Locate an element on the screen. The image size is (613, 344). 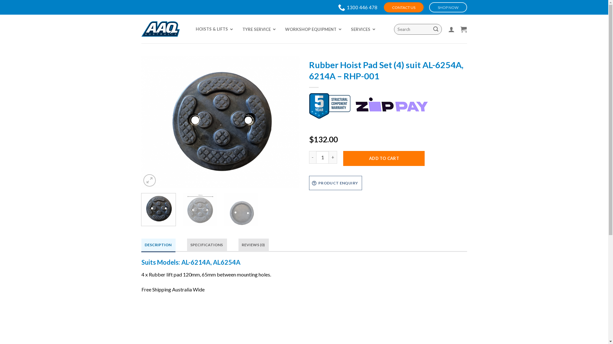
'SHOP NOW' is located at coordinates (448, 7).